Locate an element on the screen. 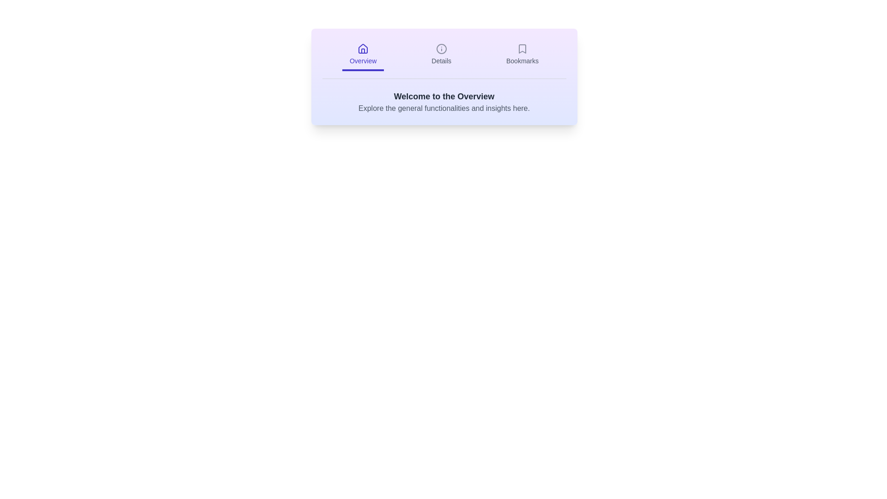 The image size is (887, 499). the house-shaped icon button located near the top-center of the interface is located at coordinates (363, 49).